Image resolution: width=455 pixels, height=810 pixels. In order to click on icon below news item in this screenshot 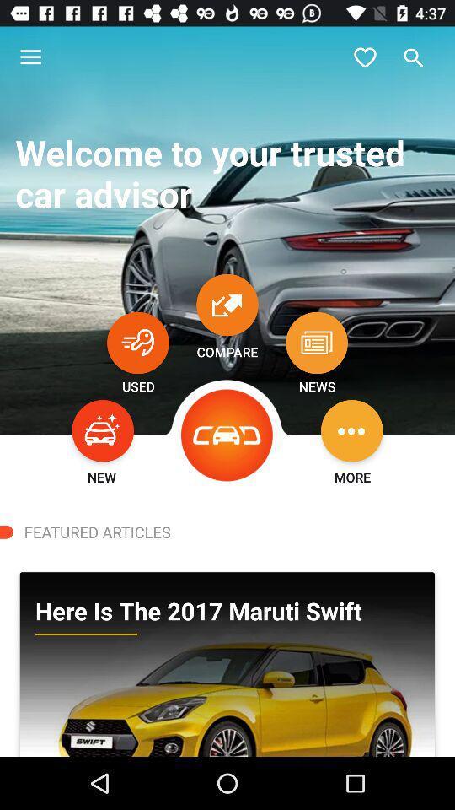, I will do `click(351, 429)`.